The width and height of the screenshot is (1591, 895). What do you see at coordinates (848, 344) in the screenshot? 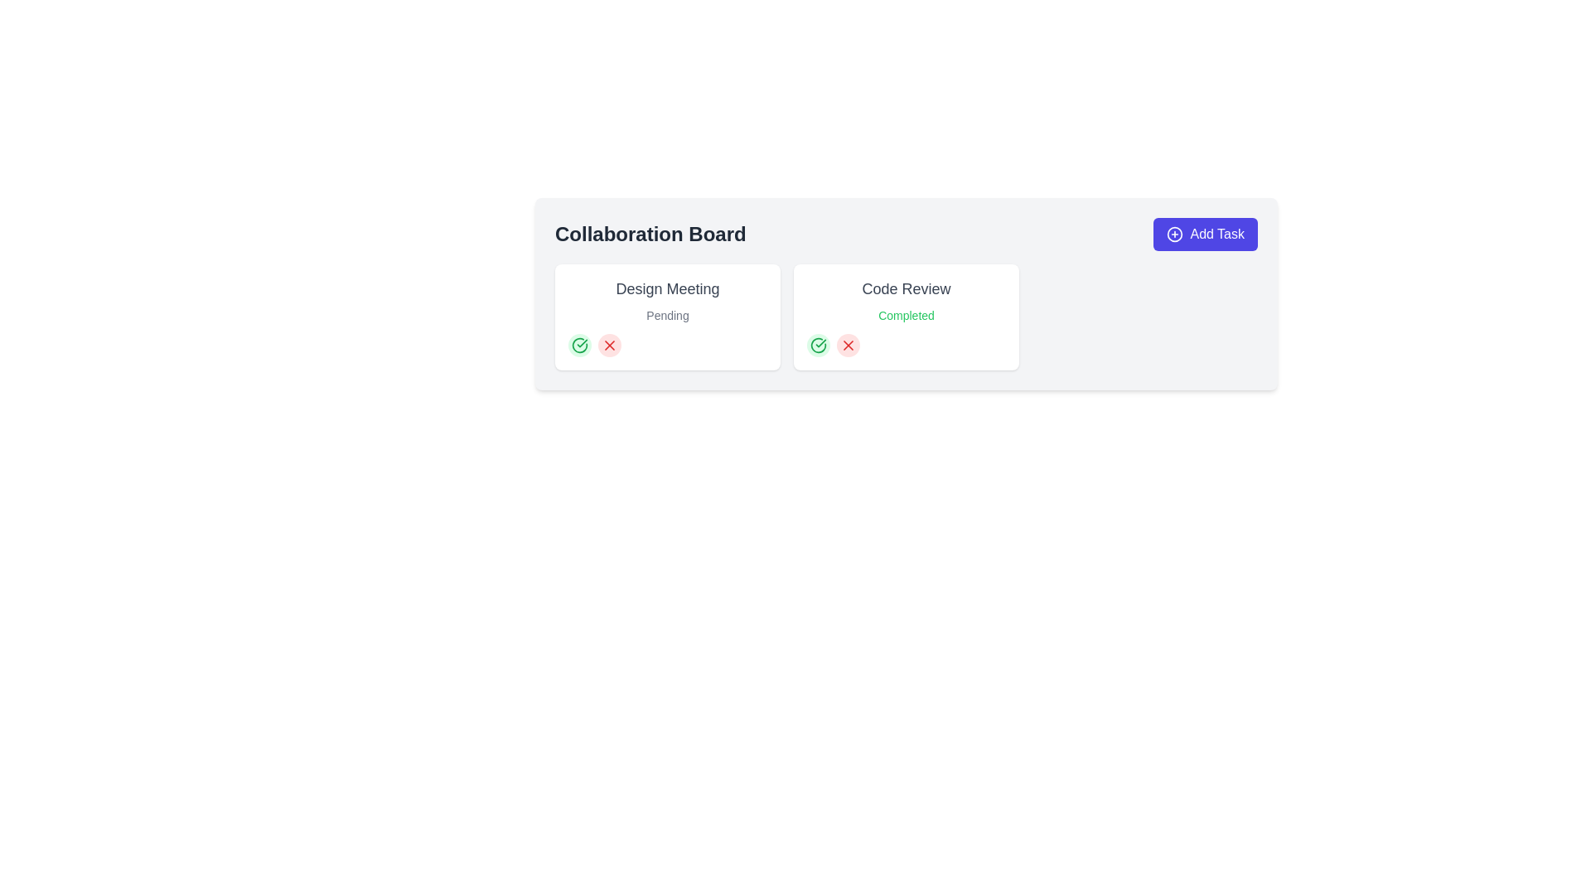
I see `the red diagonal line forming part of the 'X' icon located in the bottom-left corner of the 'Code Review' card` at bounding box center [848, 344].